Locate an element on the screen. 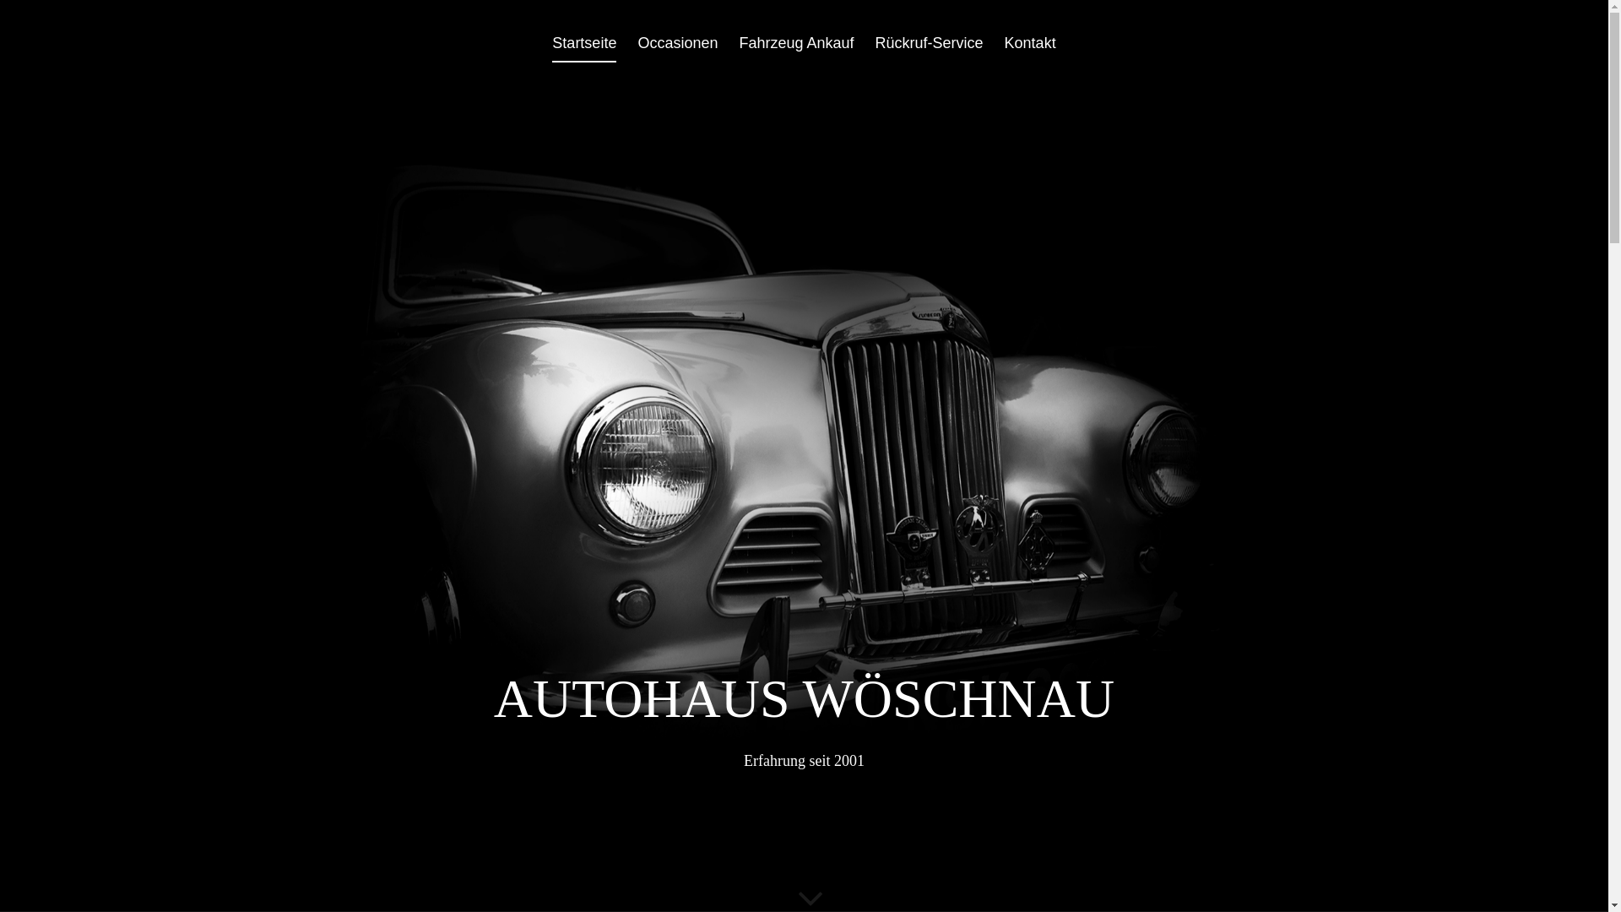 The width and height of the screenshot is (1621, 912). 'Fahrzeug Ankauf' is located at coordinates (738, 47).